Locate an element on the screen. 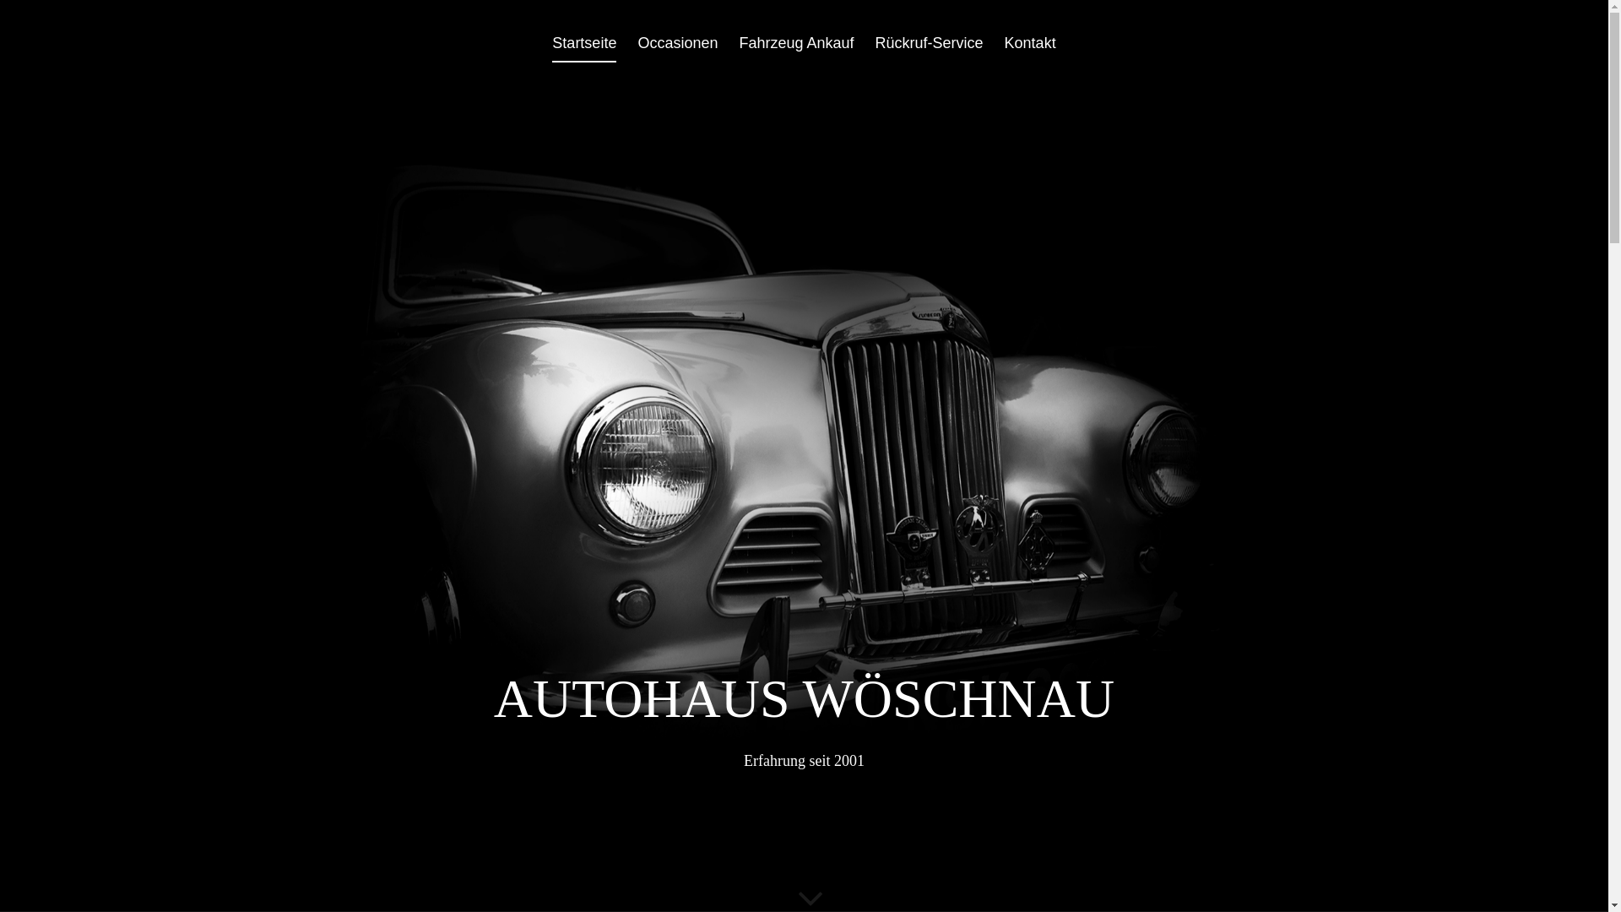 The width and height of the screenshot is (1621, 912). 'Fahrzeug Ankauf' is located at coordinates (738, 47).